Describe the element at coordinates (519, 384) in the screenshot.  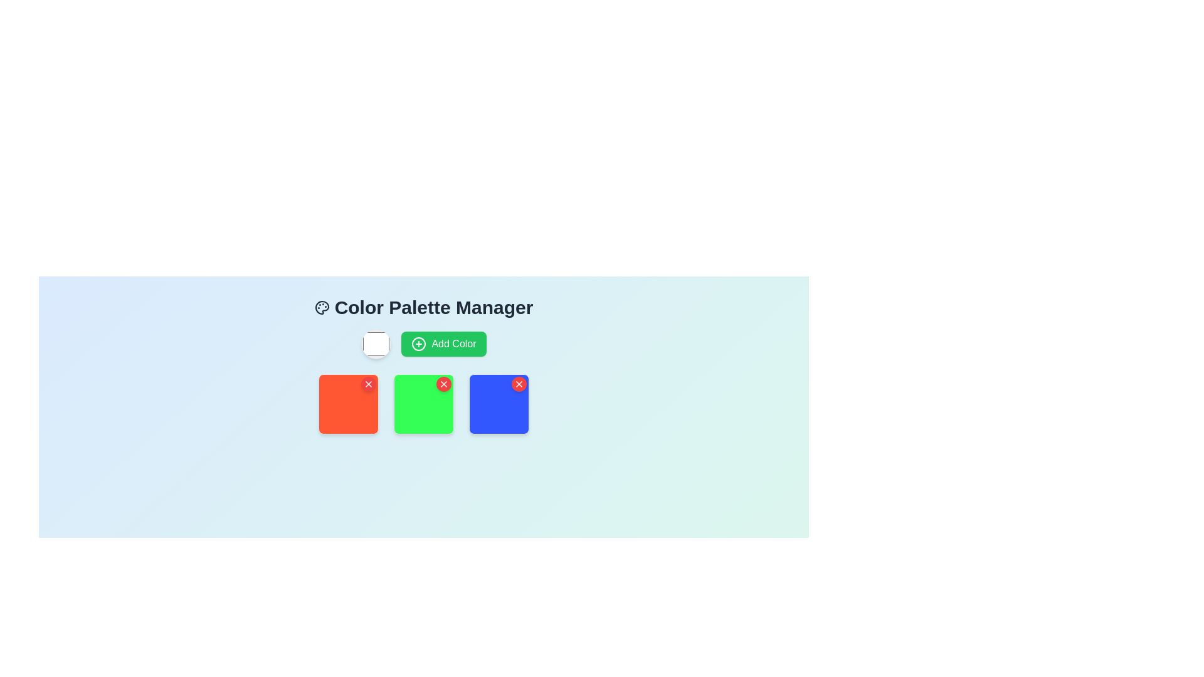
I see `the close button located in the top-right corner of the blue square box, which is the third among a row of three colored square boxes` at that location.